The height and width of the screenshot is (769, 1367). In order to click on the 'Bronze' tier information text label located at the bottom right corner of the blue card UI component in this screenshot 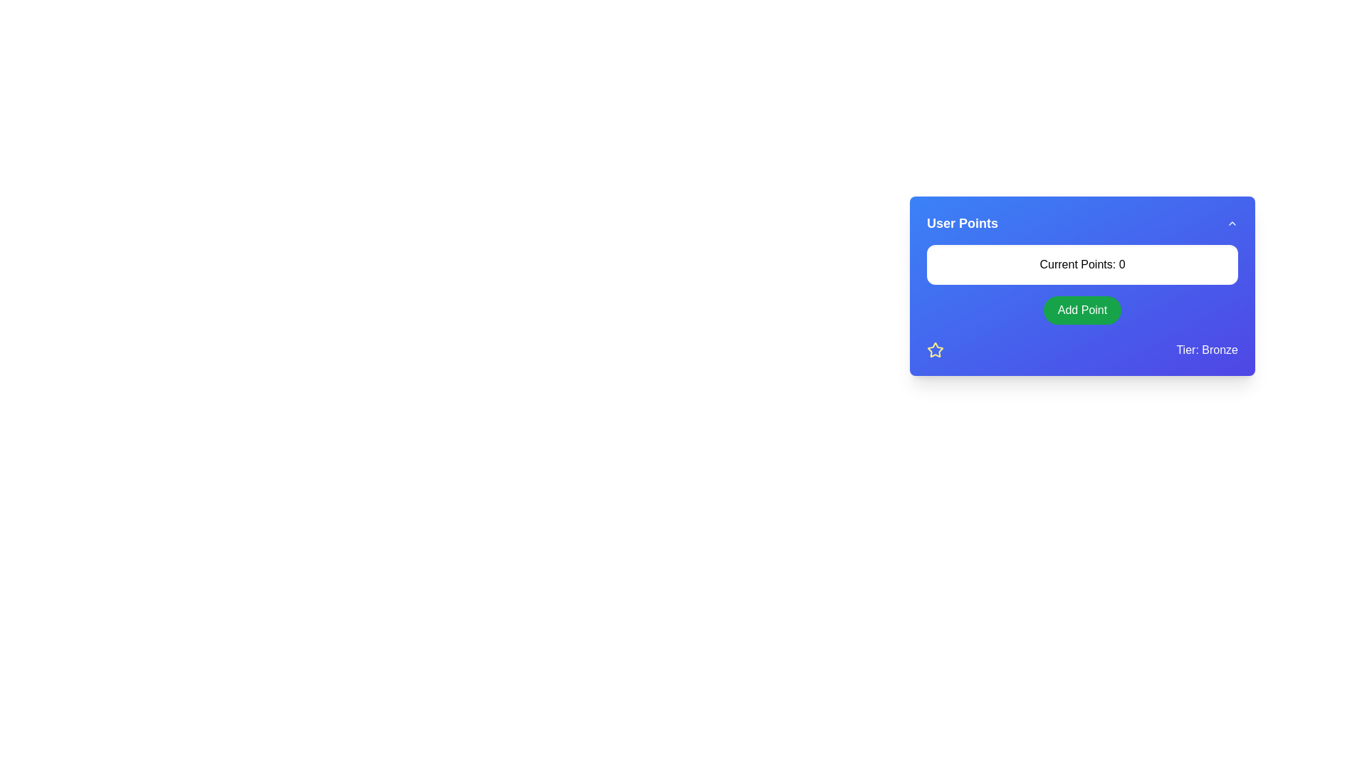, I will do `click(1206, 350)`.